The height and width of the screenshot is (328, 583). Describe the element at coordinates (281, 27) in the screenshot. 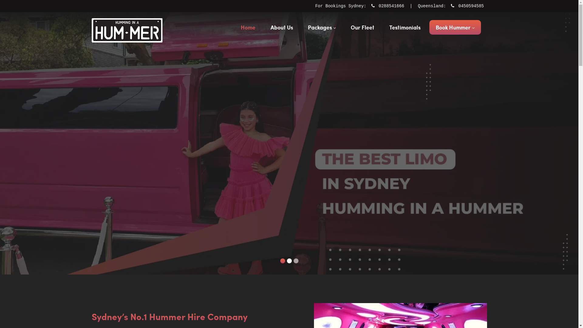

I see `'About Us'` at that location.